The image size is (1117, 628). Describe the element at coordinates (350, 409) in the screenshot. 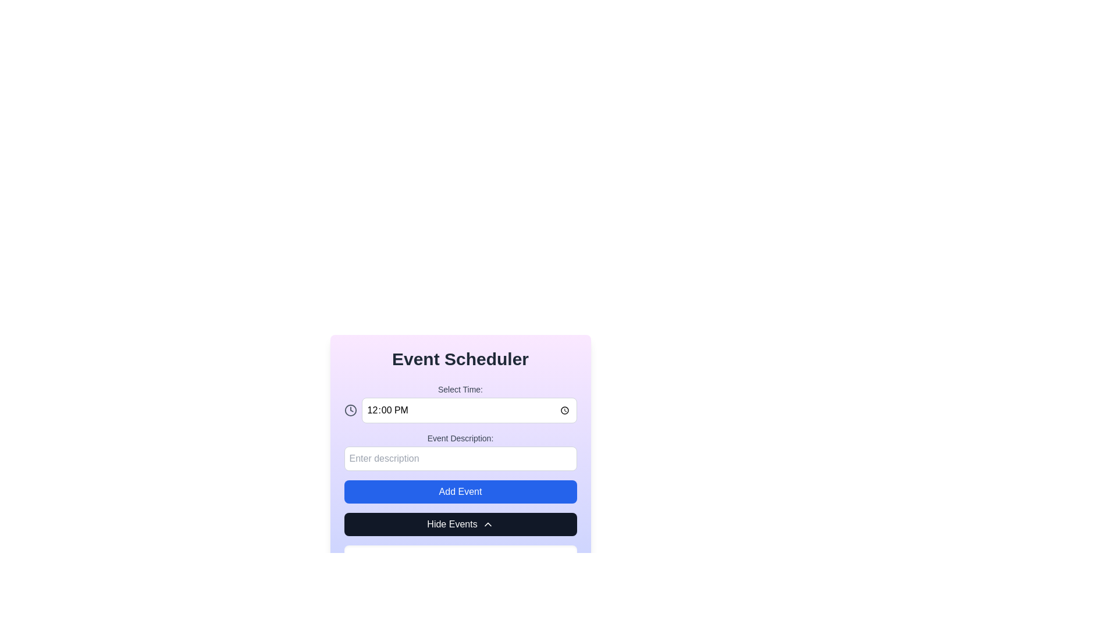

I see `the circular graphic element with a dark gray border within the SVG clock icon in the Event Scheduler interface` at that location.